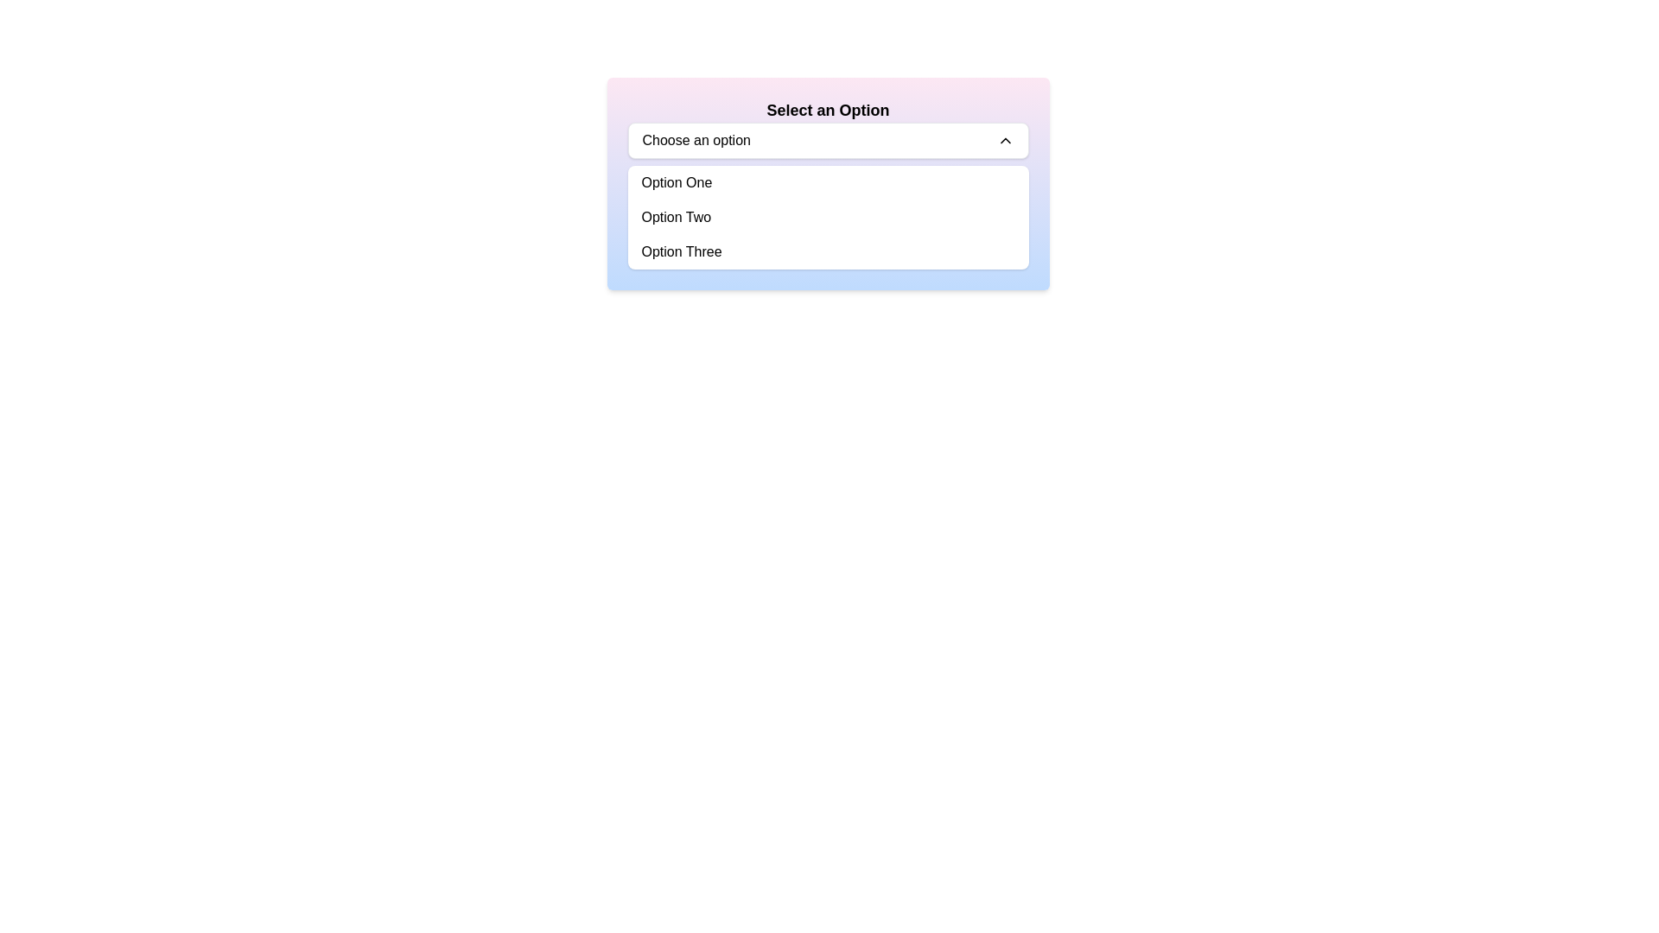  What do you see at coordinates (827, 183) in the screenshot?
I see `the 'Option One' item in the dropdown menu` at bounding box center [827, 183].